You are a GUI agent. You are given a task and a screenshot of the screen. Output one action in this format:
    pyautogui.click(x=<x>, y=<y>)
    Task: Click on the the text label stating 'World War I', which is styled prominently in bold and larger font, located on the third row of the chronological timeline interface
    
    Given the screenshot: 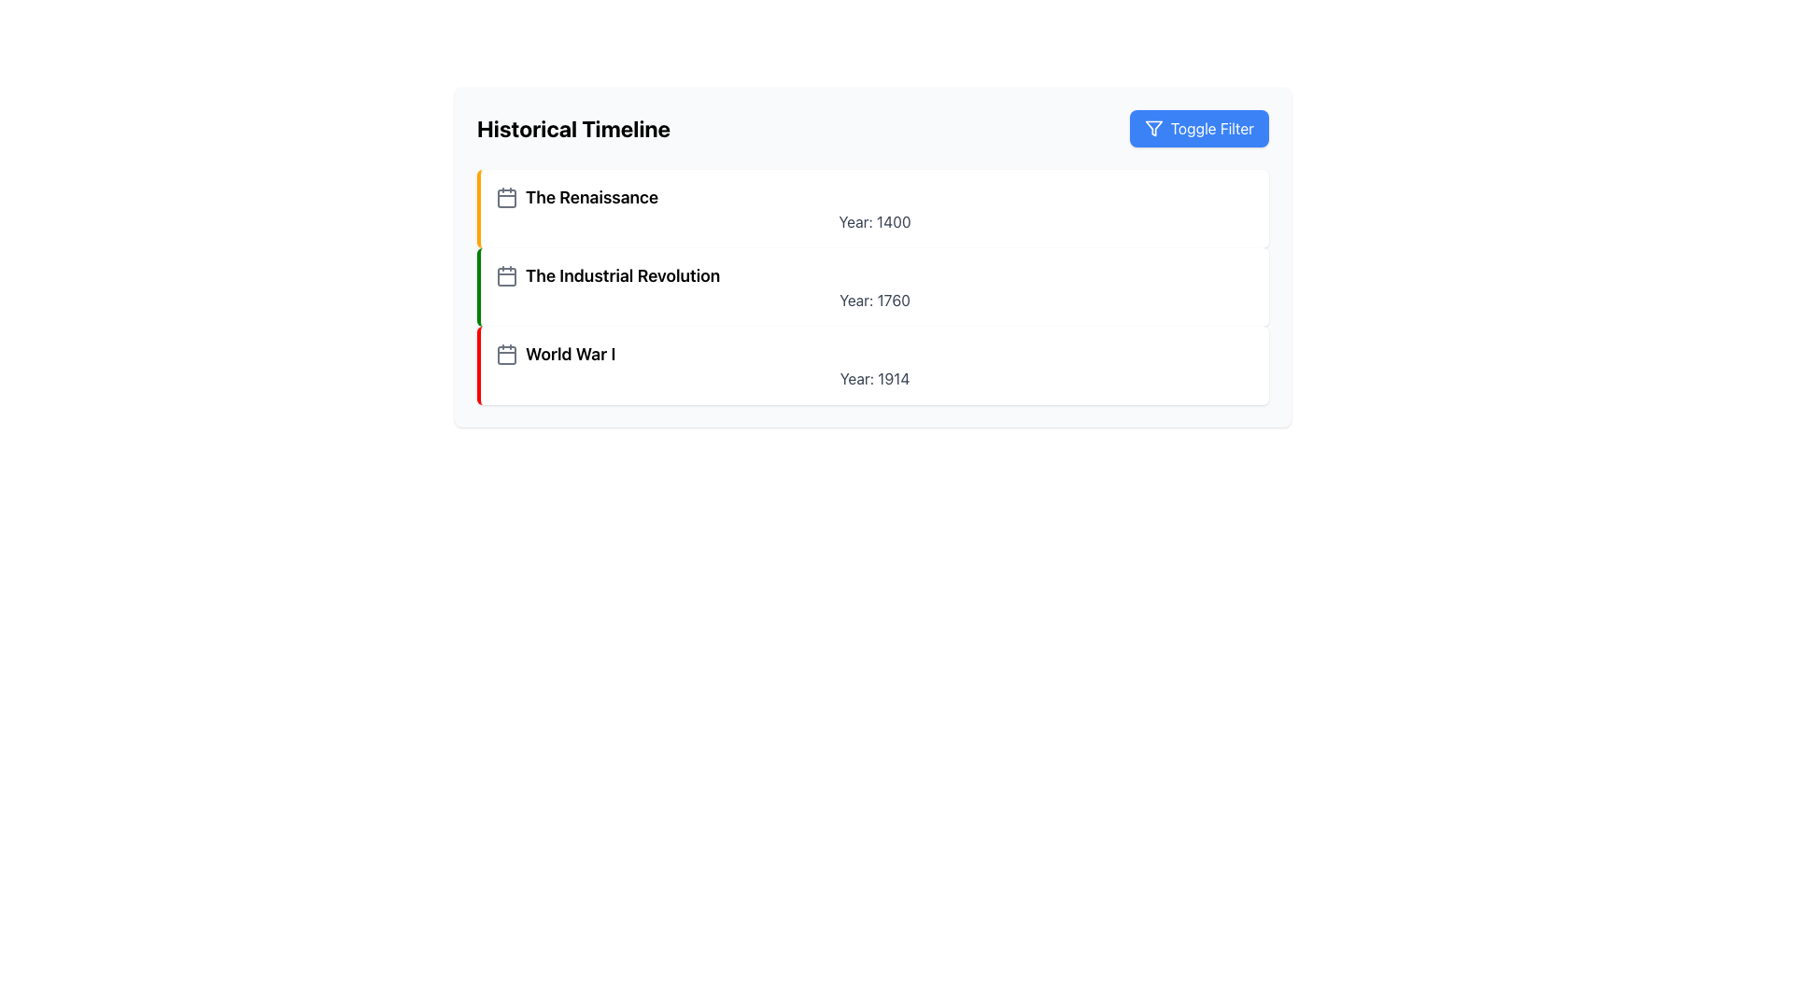 What is the action you would take?
    pyautogui.click(x=570, y=355)
    